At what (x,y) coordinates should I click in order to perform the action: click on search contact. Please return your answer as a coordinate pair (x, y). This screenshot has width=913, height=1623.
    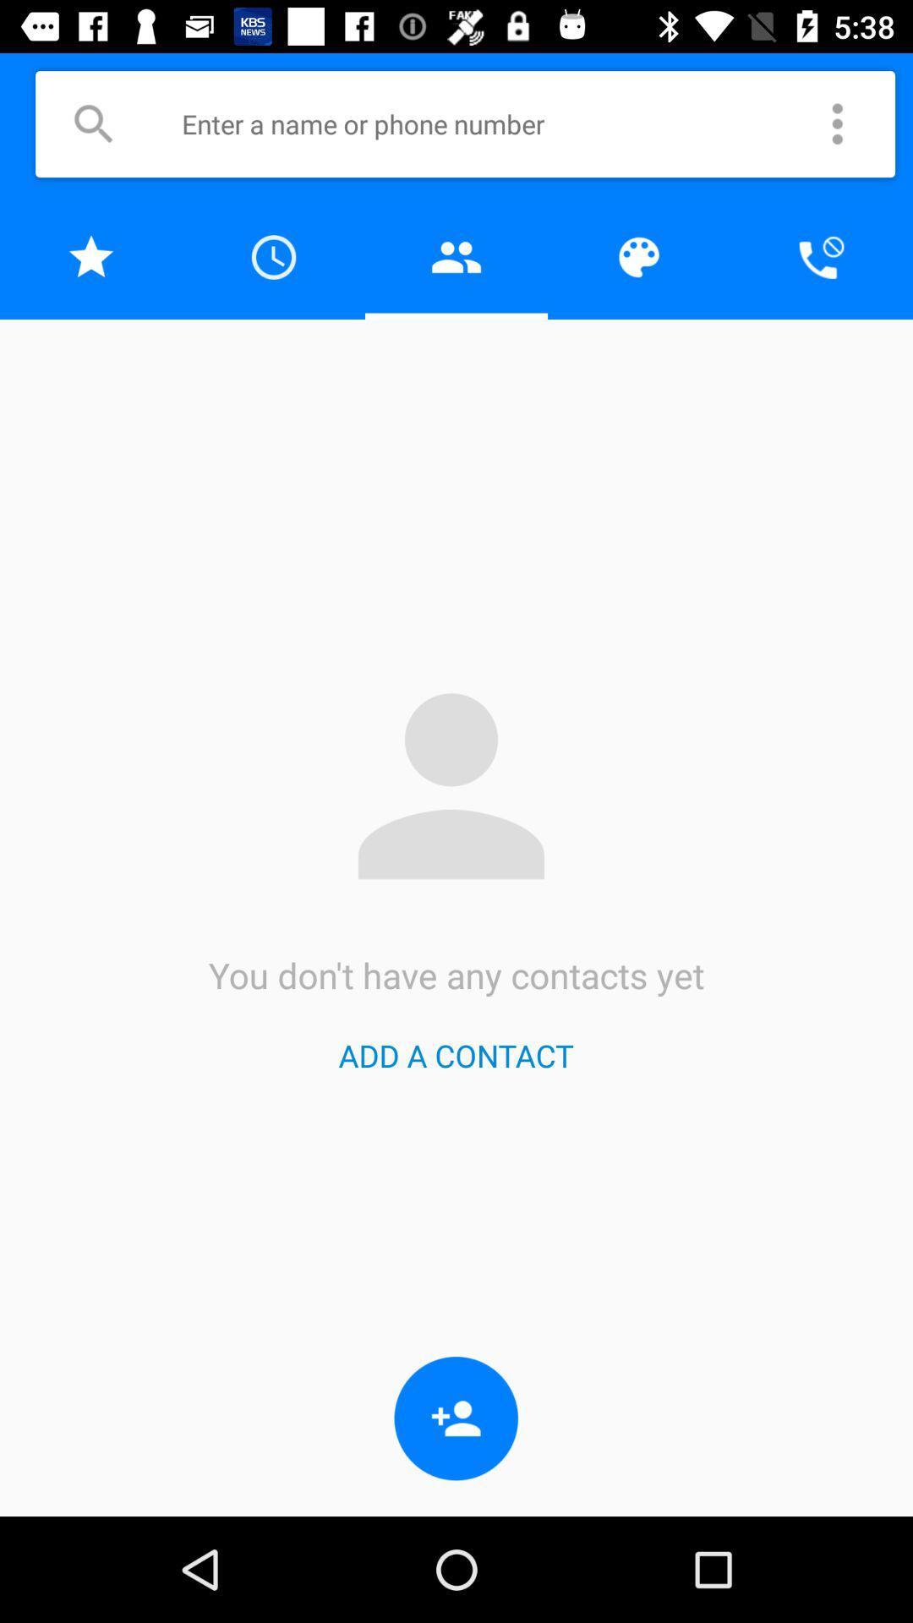
    Looking at the image, I should click on (489, 123).